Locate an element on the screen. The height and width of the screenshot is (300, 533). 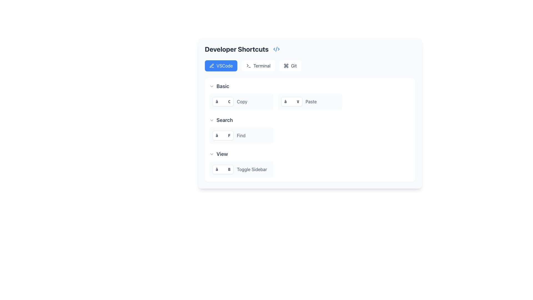
the first button in the 'Basic' category of the 'Developer Shortcuts' panel located at the top-left section is located at coordinates (241, 102).